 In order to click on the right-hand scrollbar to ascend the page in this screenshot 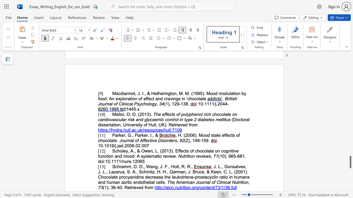, I will do `click(350, 107)`.